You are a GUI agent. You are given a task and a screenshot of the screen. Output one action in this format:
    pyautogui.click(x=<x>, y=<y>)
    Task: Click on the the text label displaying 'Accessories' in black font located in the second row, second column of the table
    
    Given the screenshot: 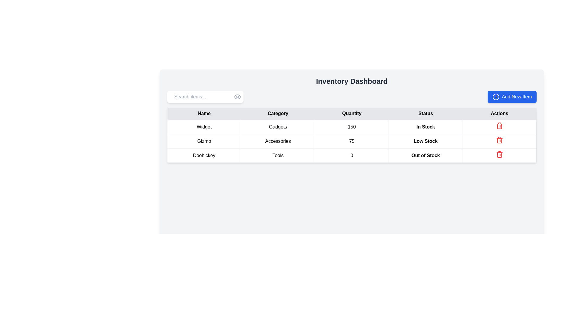 What is the action you would take?
    pyautogui.click(x=278, y=141)
    